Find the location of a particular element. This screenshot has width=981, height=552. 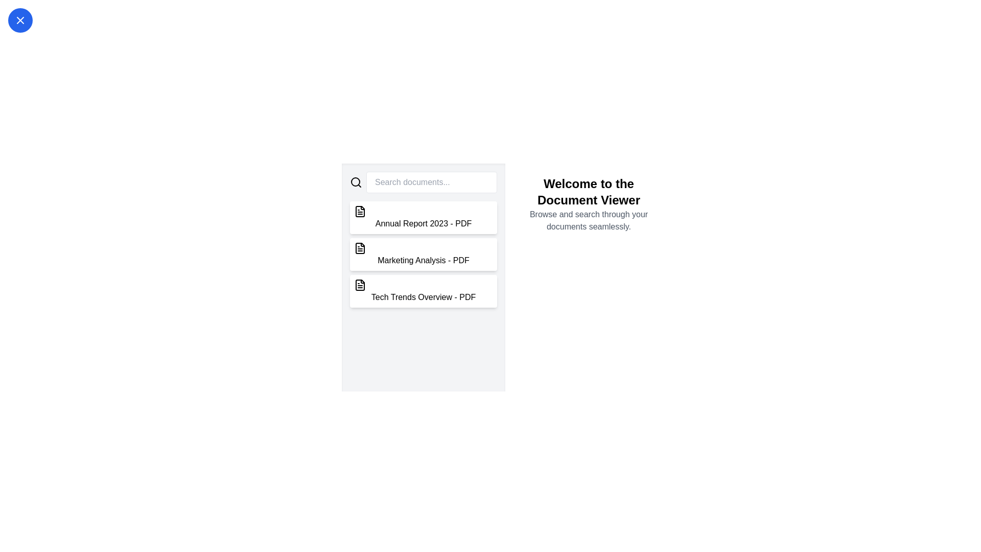

the document Annual Report 2023 - PDF from the list is located at coordinates (424, 217).